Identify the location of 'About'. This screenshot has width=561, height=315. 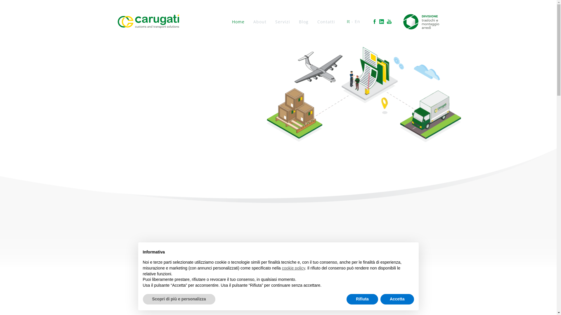
(253, 21).